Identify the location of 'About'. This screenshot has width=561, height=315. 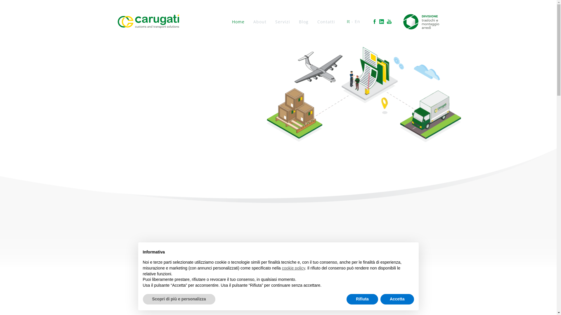
(253, 21).